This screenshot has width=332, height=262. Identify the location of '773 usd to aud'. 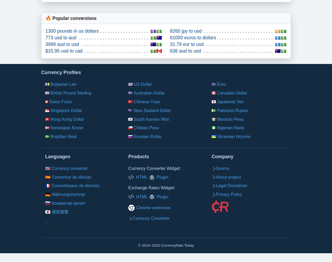
(61, 37).